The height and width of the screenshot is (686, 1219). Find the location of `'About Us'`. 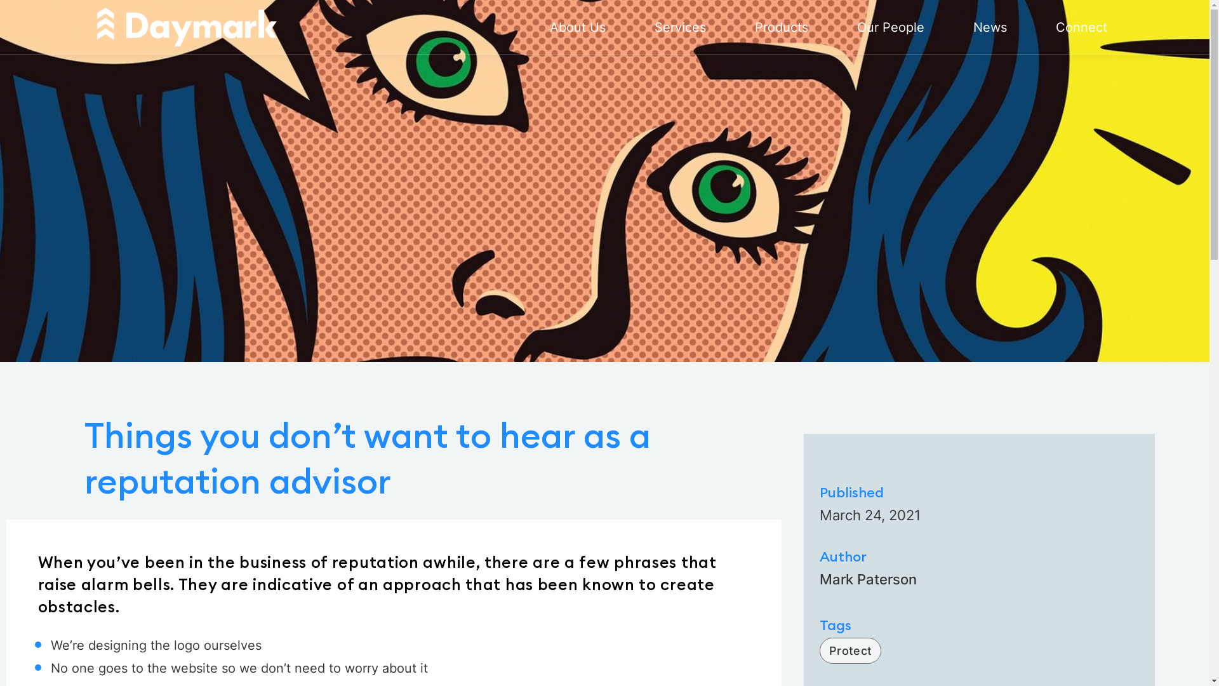

'About Us' is located at coordinates (577, 27).